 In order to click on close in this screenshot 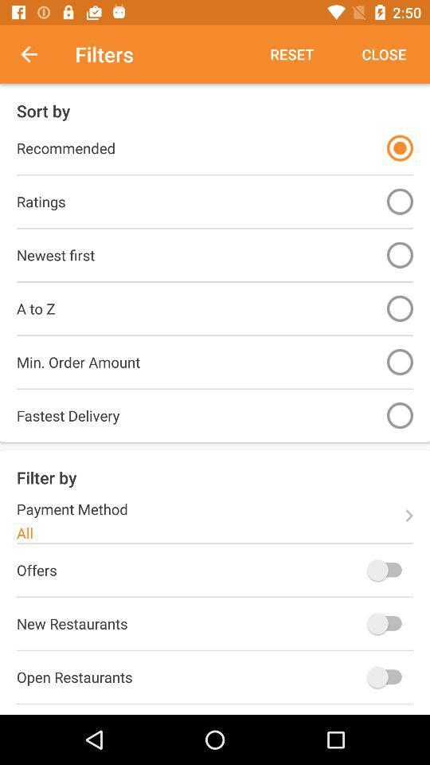, I will do `click(383, 54)`.